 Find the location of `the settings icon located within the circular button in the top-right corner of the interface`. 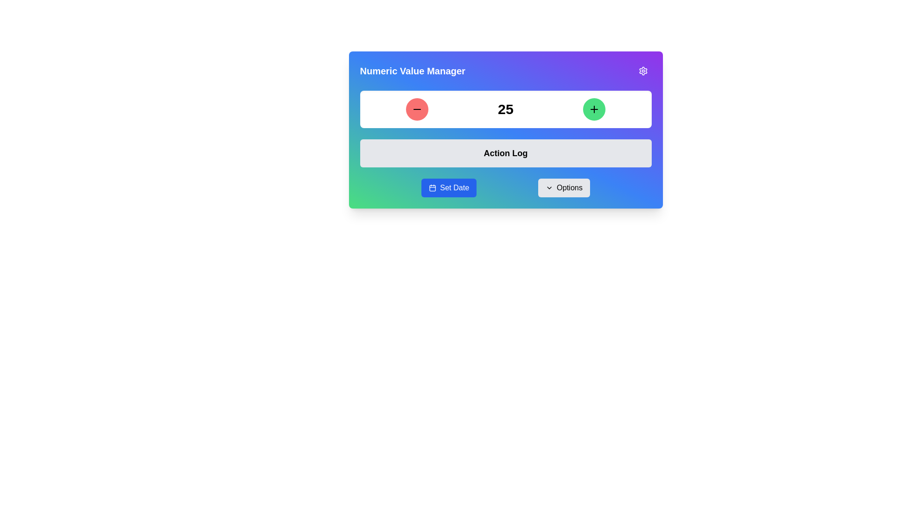

the settings icon located within the circular button in the top-right corner of the interface is located at coordinates (642, 70).